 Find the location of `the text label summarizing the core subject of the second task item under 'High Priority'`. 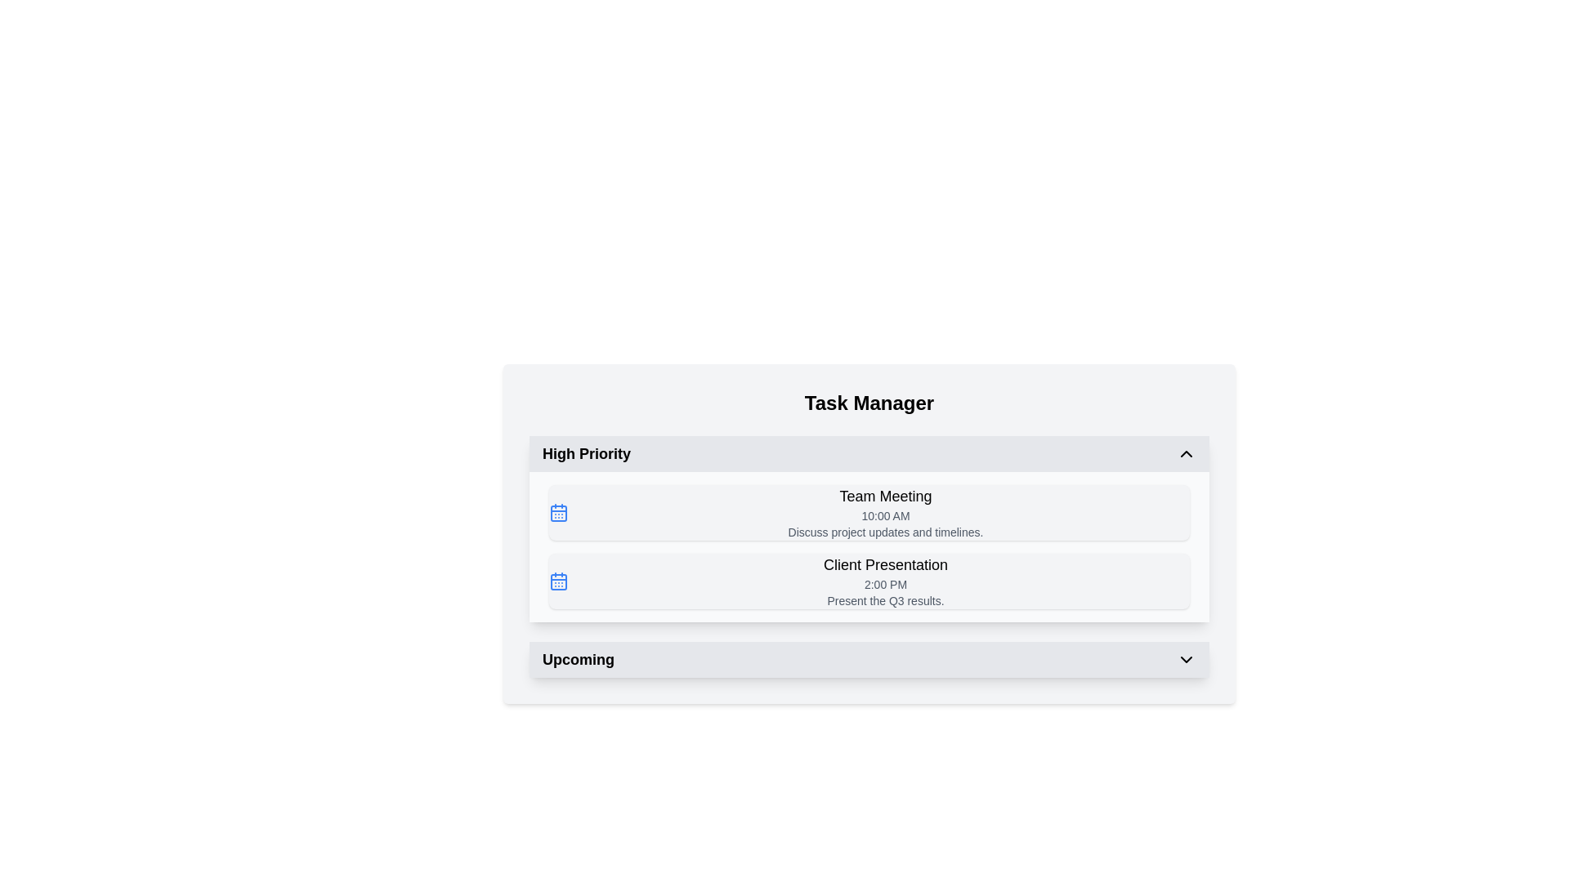

the text label summarizing the core subject of the second task item under 'High Priority' is located at coordinates (885, 563).